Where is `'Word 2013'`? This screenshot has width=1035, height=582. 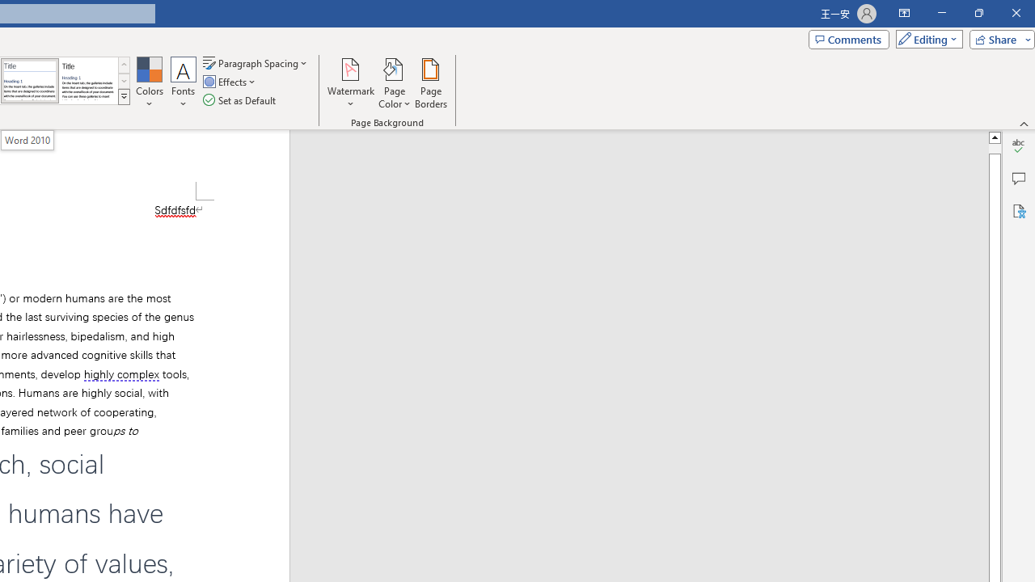
'Word 2013' is located at coordinates (87, 81).